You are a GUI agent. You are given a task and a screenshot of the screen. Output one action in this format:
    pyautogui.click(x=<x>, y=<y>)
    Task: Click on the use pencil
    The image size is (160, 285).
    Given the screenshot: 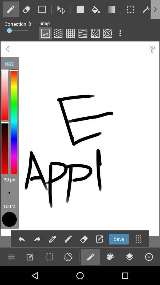 What is the action you would take?
    pyautogui.click(x=90, y=256)
    